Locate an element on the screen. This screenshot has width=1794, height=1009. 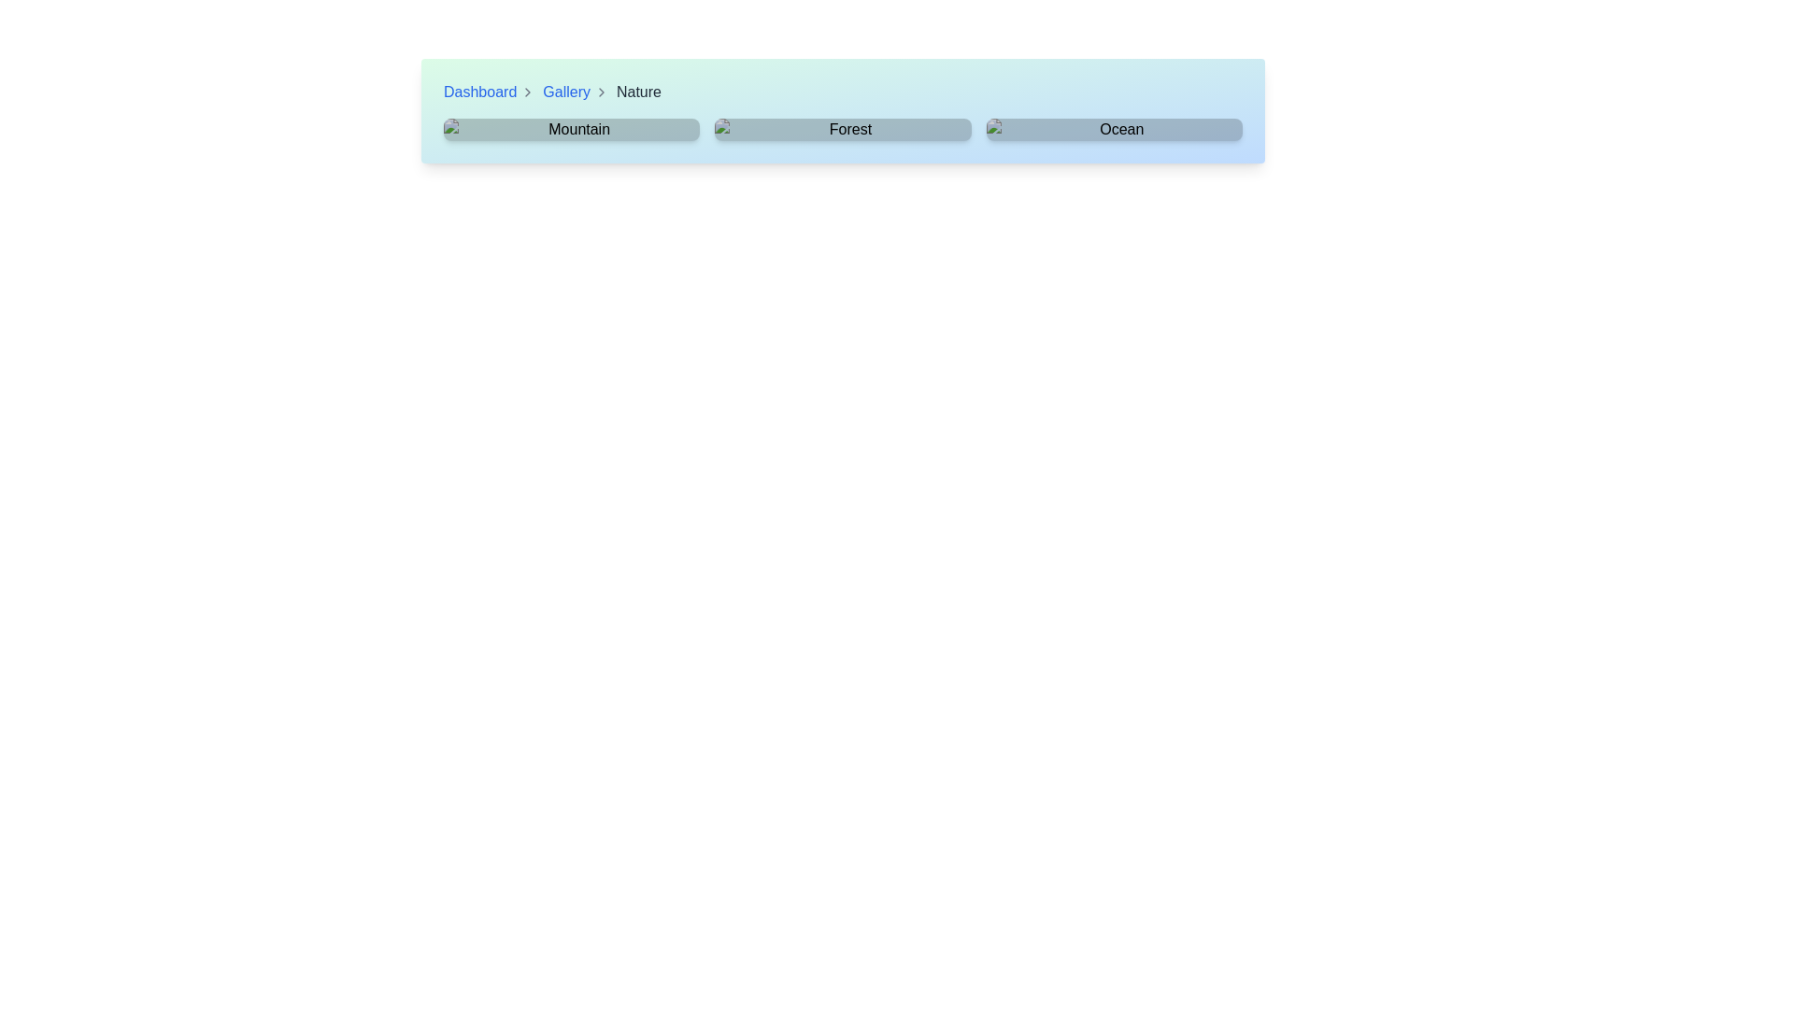
the Icon indicating navigation hierarchy in the breadcrumb navigation bar, which separates the 'Dashboard' link and the static text 'Gallery' is located at coordinates (527, 92).